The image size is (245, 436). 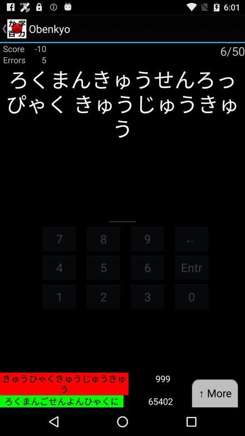 I want to click on item next to 5 item, so click(x=59, y=296).